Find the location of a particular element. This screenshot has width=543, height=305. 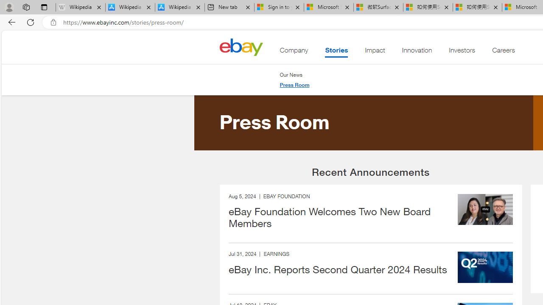

'Press Room' is located at coordinates (294, 85).